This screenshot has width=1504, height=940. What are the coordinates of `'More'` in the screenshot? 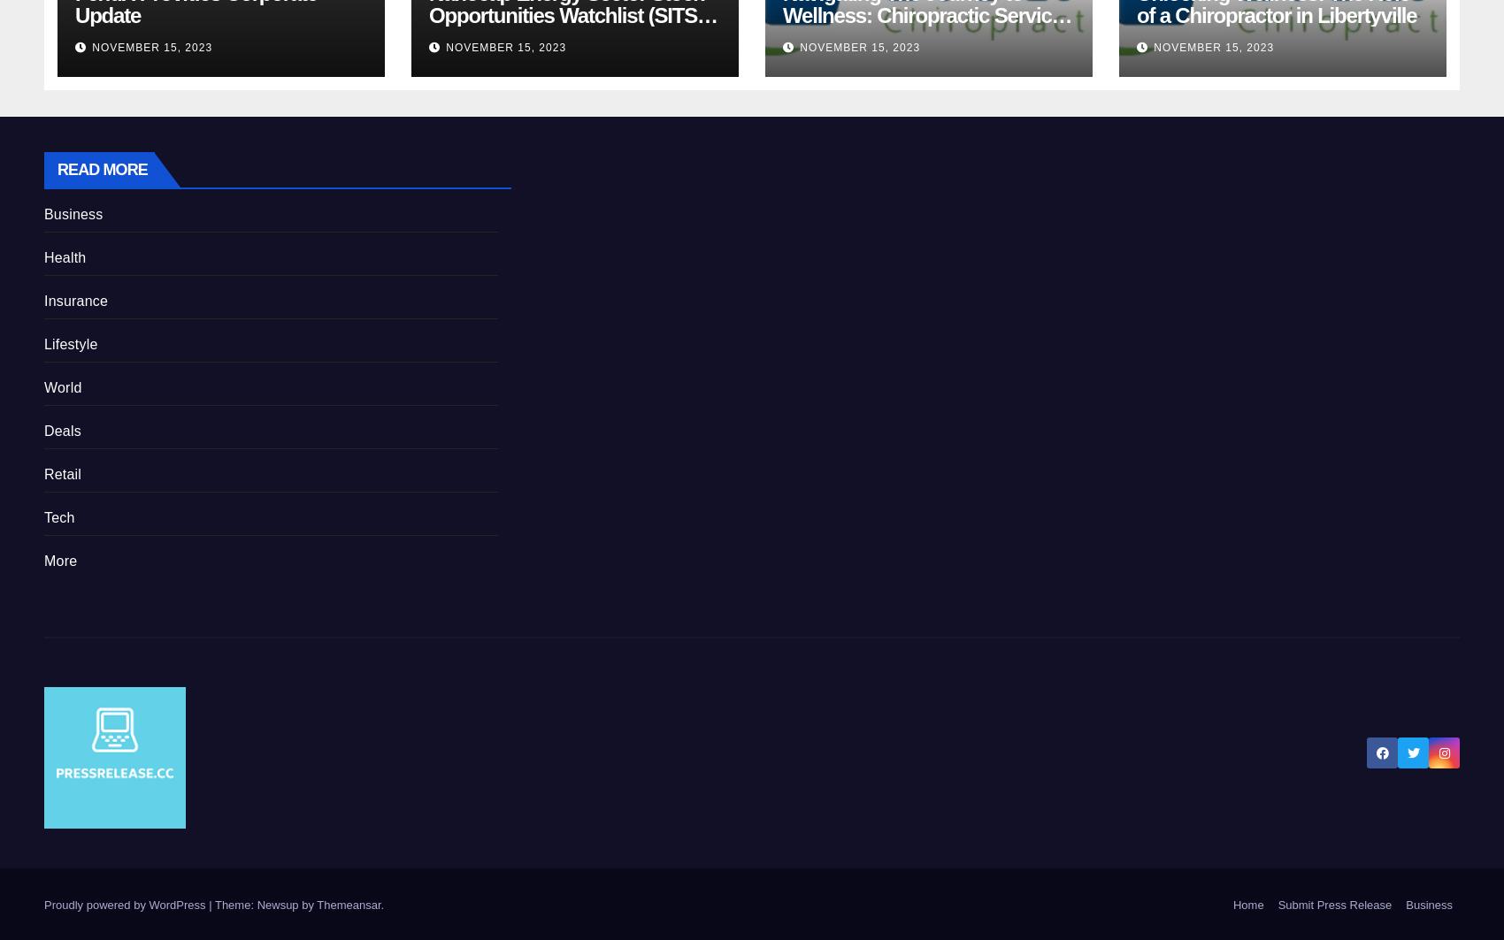 It's located at (60, 559).